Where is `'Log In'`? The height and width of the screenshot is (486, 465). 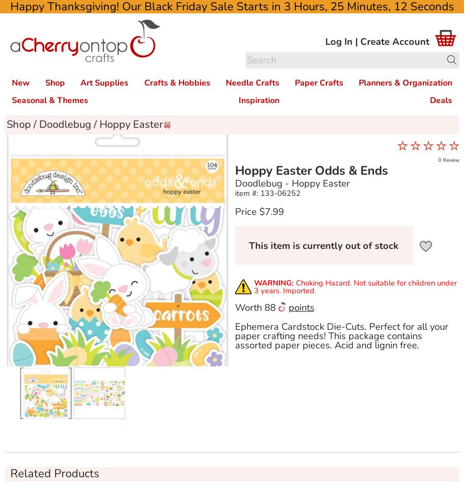
'Log In' is located at coordinates (338, 40).